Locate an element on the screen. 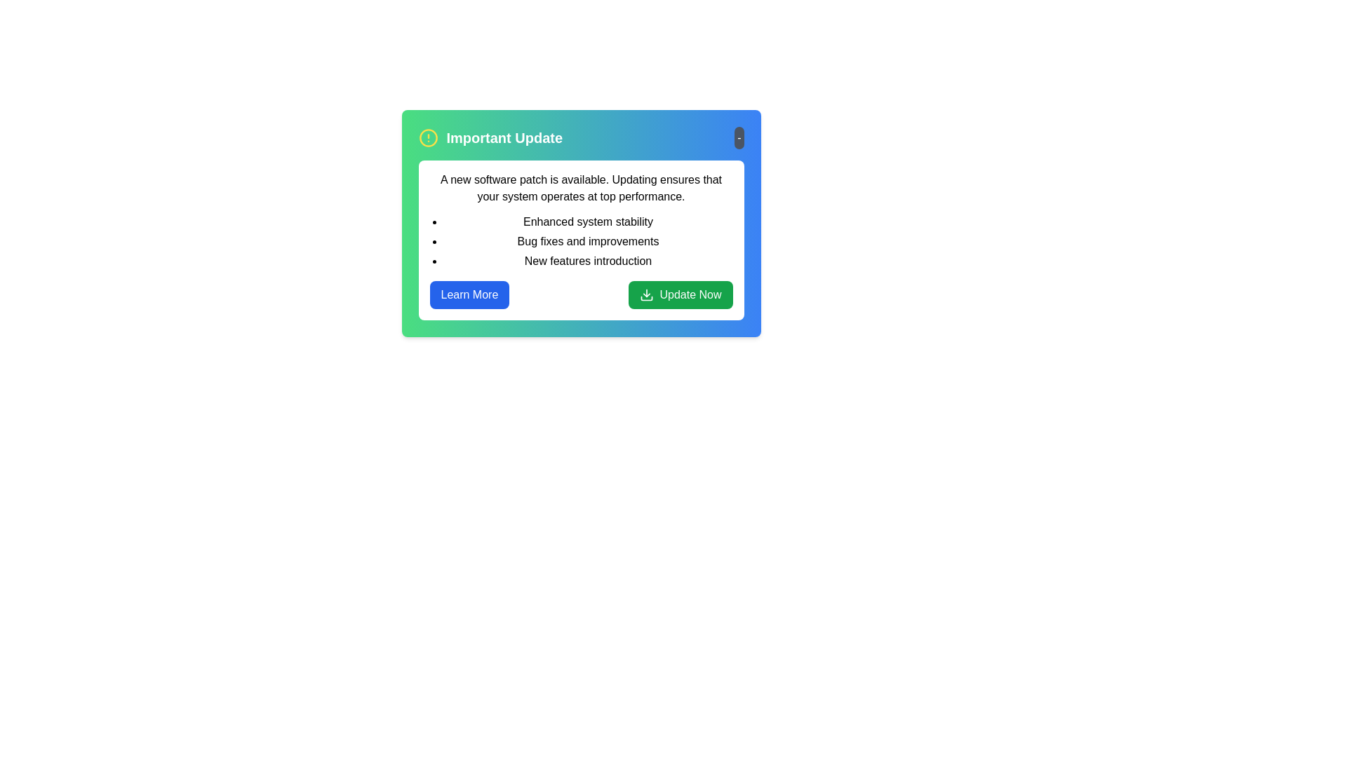 This screenshot has height=757, width=1347. the 'Update Now' button is located at coordinates (680, 294).